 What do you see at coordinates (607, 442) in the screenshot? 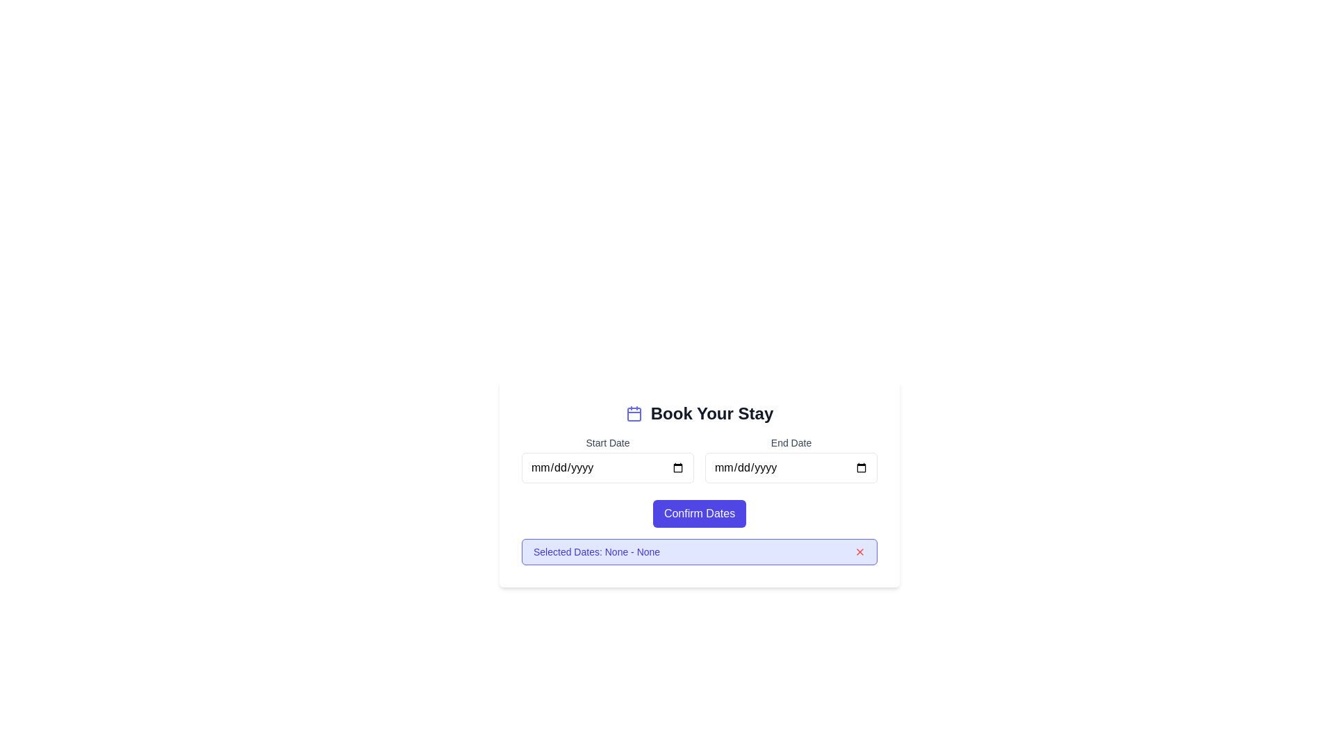
I see `the 'Start Date' text label, which is styled with a clear, sans-serif font in dark gray against a white background, located above the date selection input field in the top-left corner of the date selection section` at bounding box center [607, 442].